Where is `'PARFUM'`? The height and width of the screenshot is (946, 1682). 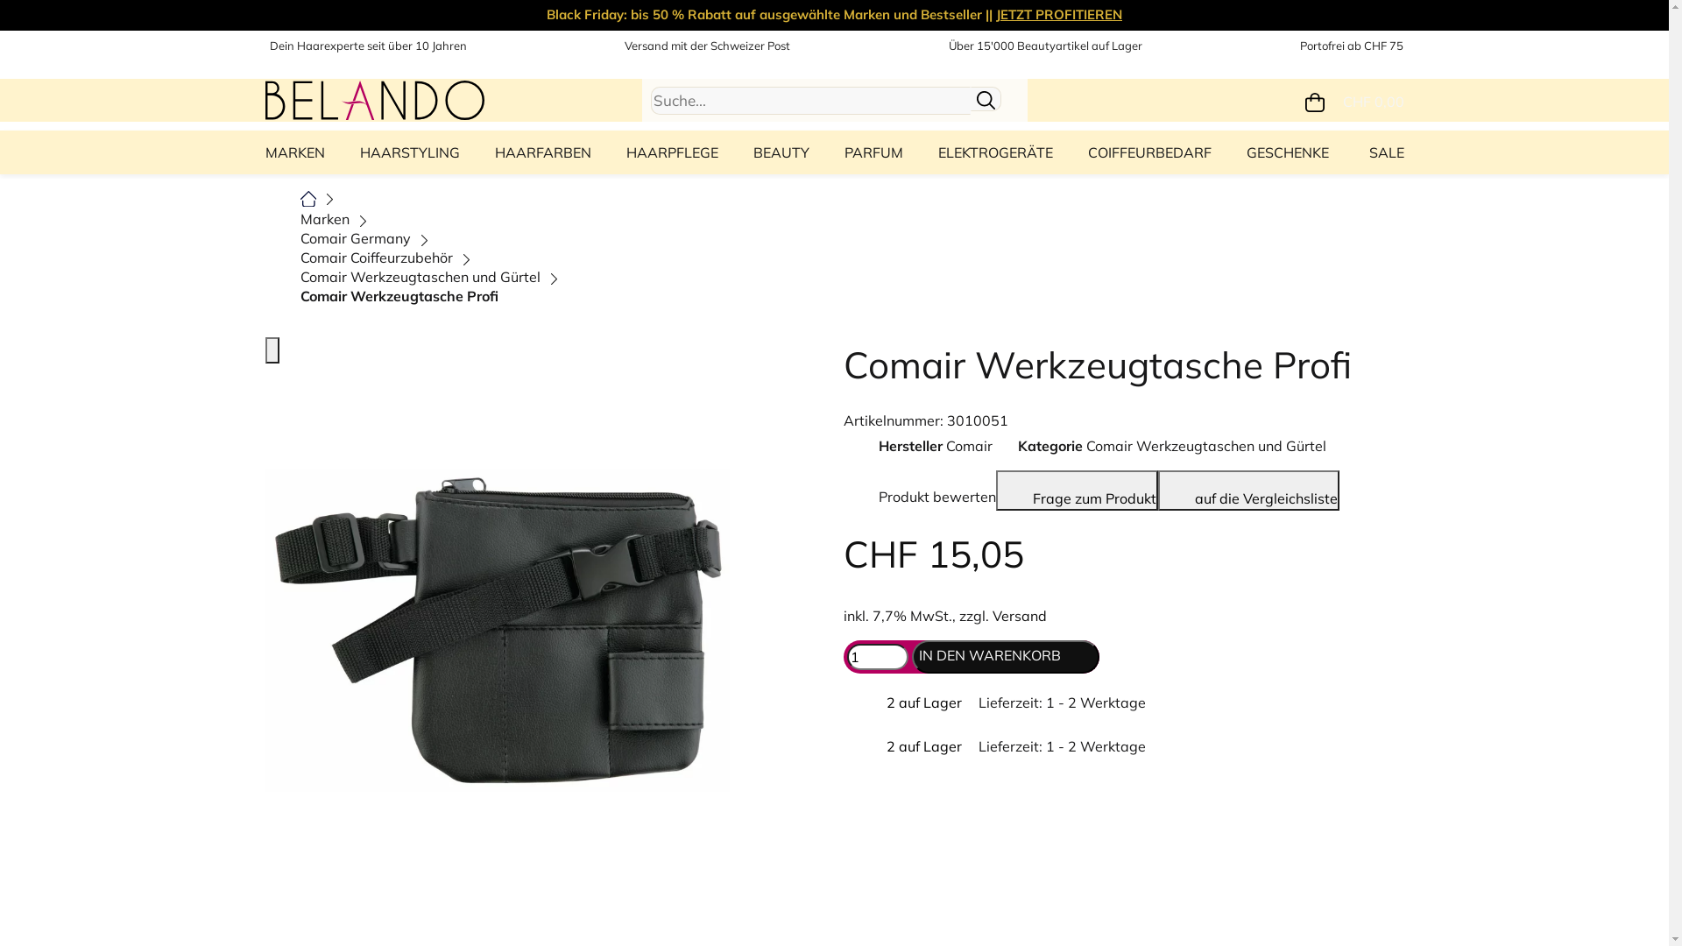
'PARFUM' is located at coordinates (873, 151).